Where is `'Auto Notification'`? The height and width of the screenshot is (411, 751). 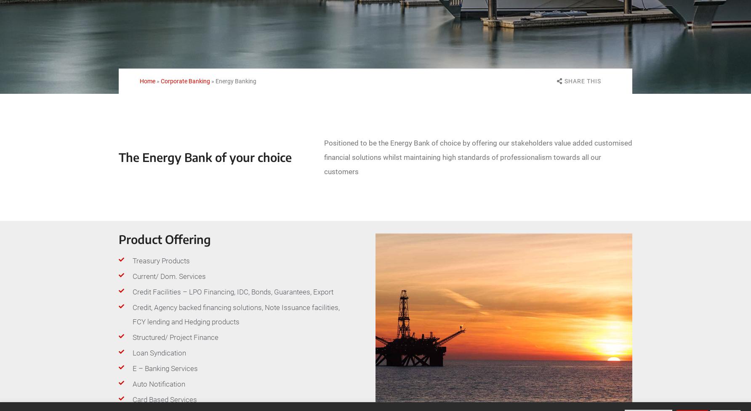
'Auto Notification' is located at coordinates (133, 384).